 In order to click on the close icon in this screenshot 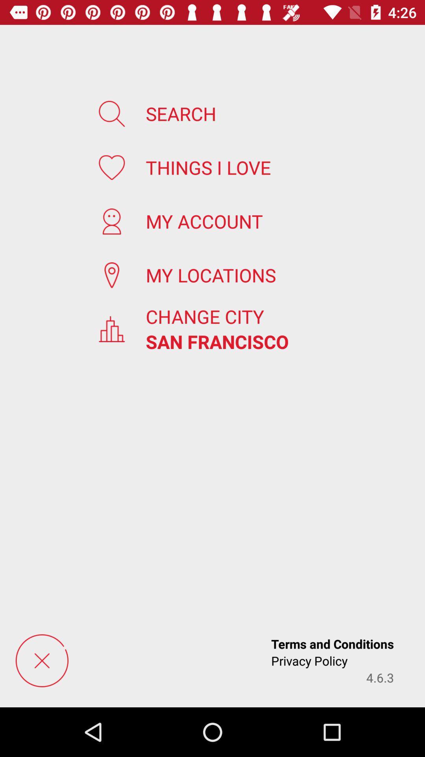, I will do `click(42, 660)`.